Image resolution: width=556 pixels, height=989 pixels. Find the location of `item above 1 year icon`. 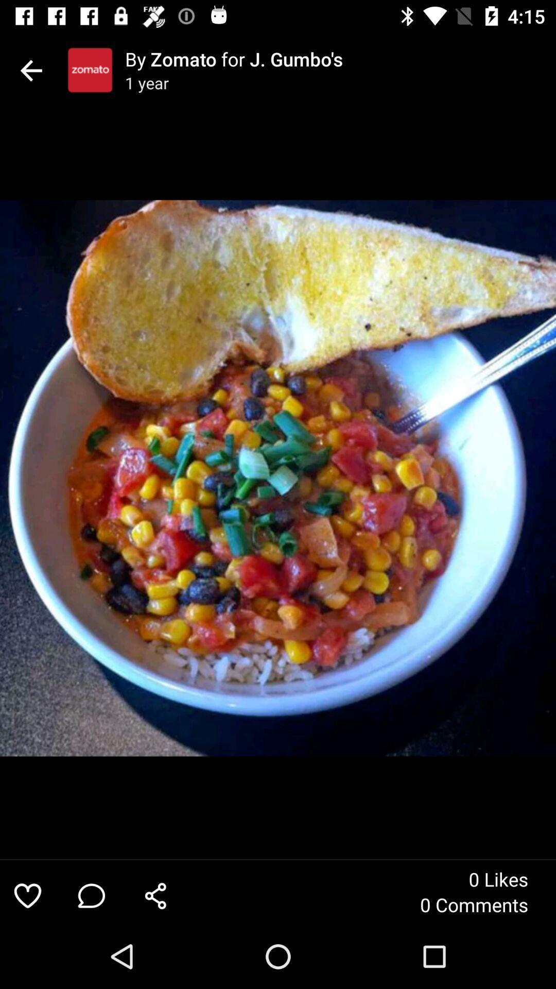

item above 1 year icon is located at coordinates (340, 58).